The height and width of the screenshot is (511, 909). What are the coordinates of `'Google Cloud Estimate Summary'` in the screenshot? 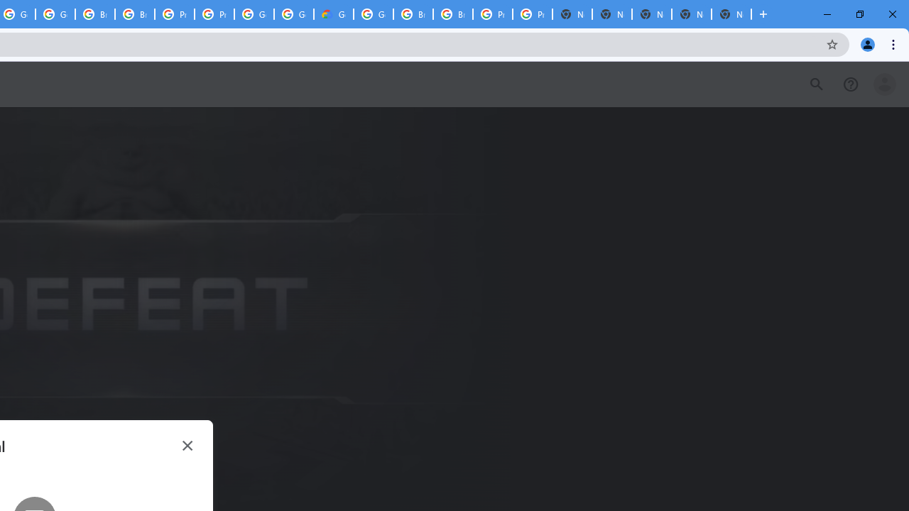 It's located at (332, 14).